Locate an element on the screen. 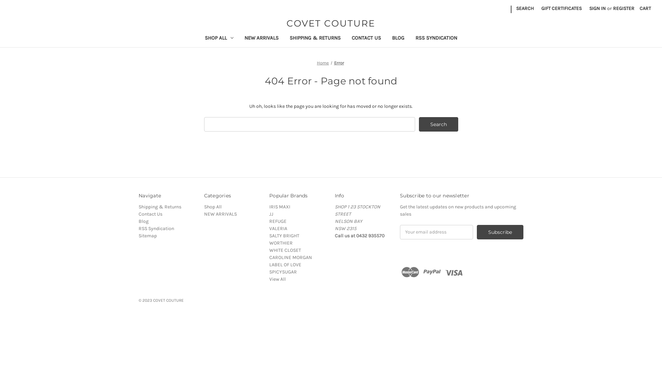  'LABEL OF LOVE' is located at coordinates (285, 264).